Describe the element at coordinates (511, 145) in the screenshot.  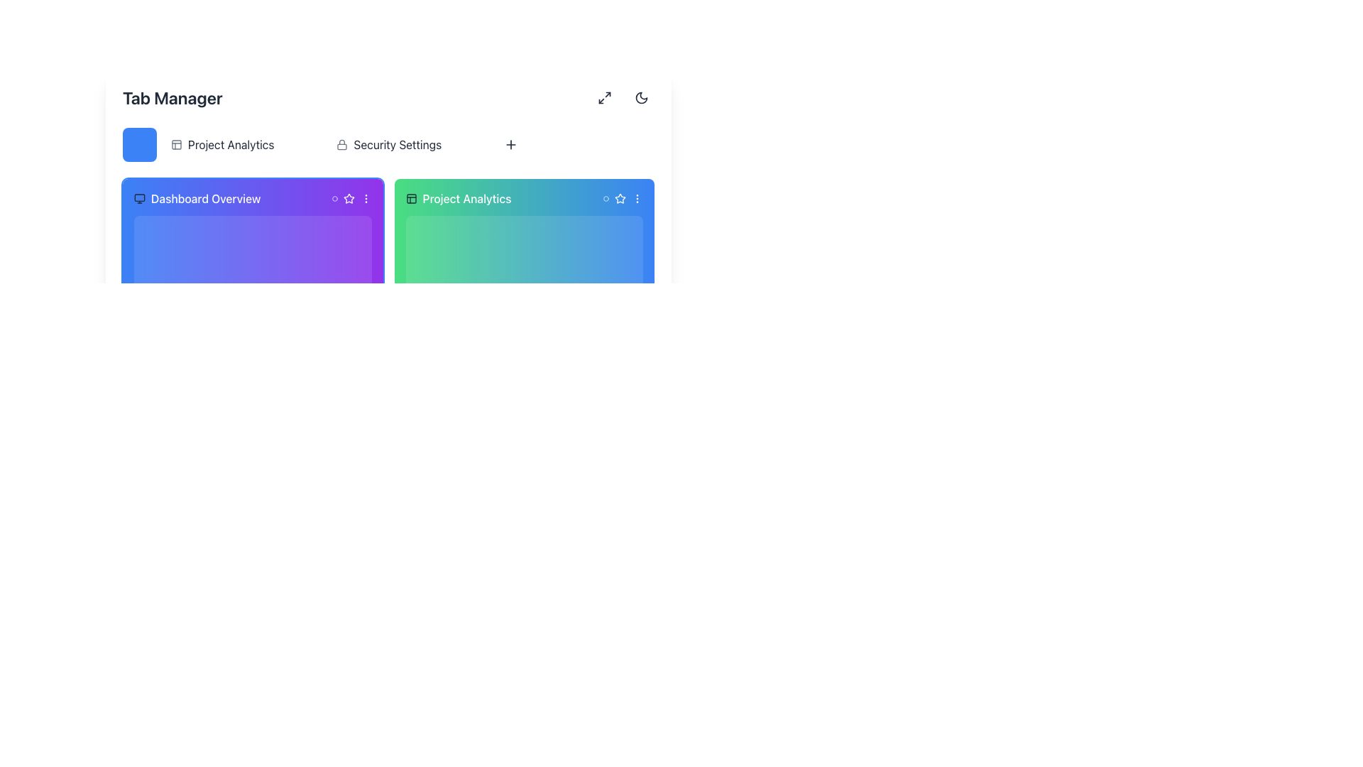
I see `the plus icon located near the top right section of the interface` at that location.